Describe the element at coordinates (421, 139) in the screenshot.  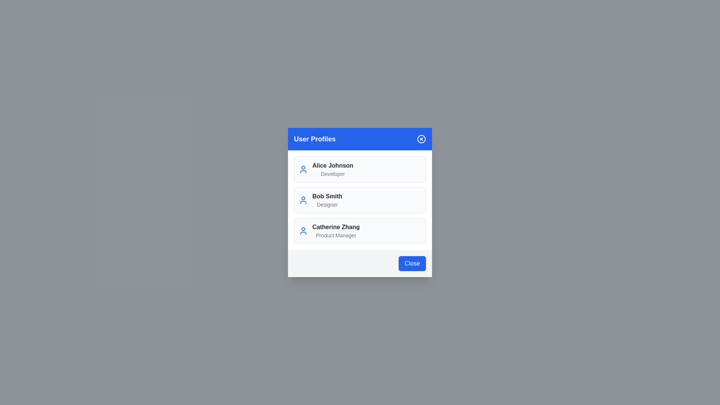
I see `the 'X' button in the top-right corner of the dialog to close it` at that location.